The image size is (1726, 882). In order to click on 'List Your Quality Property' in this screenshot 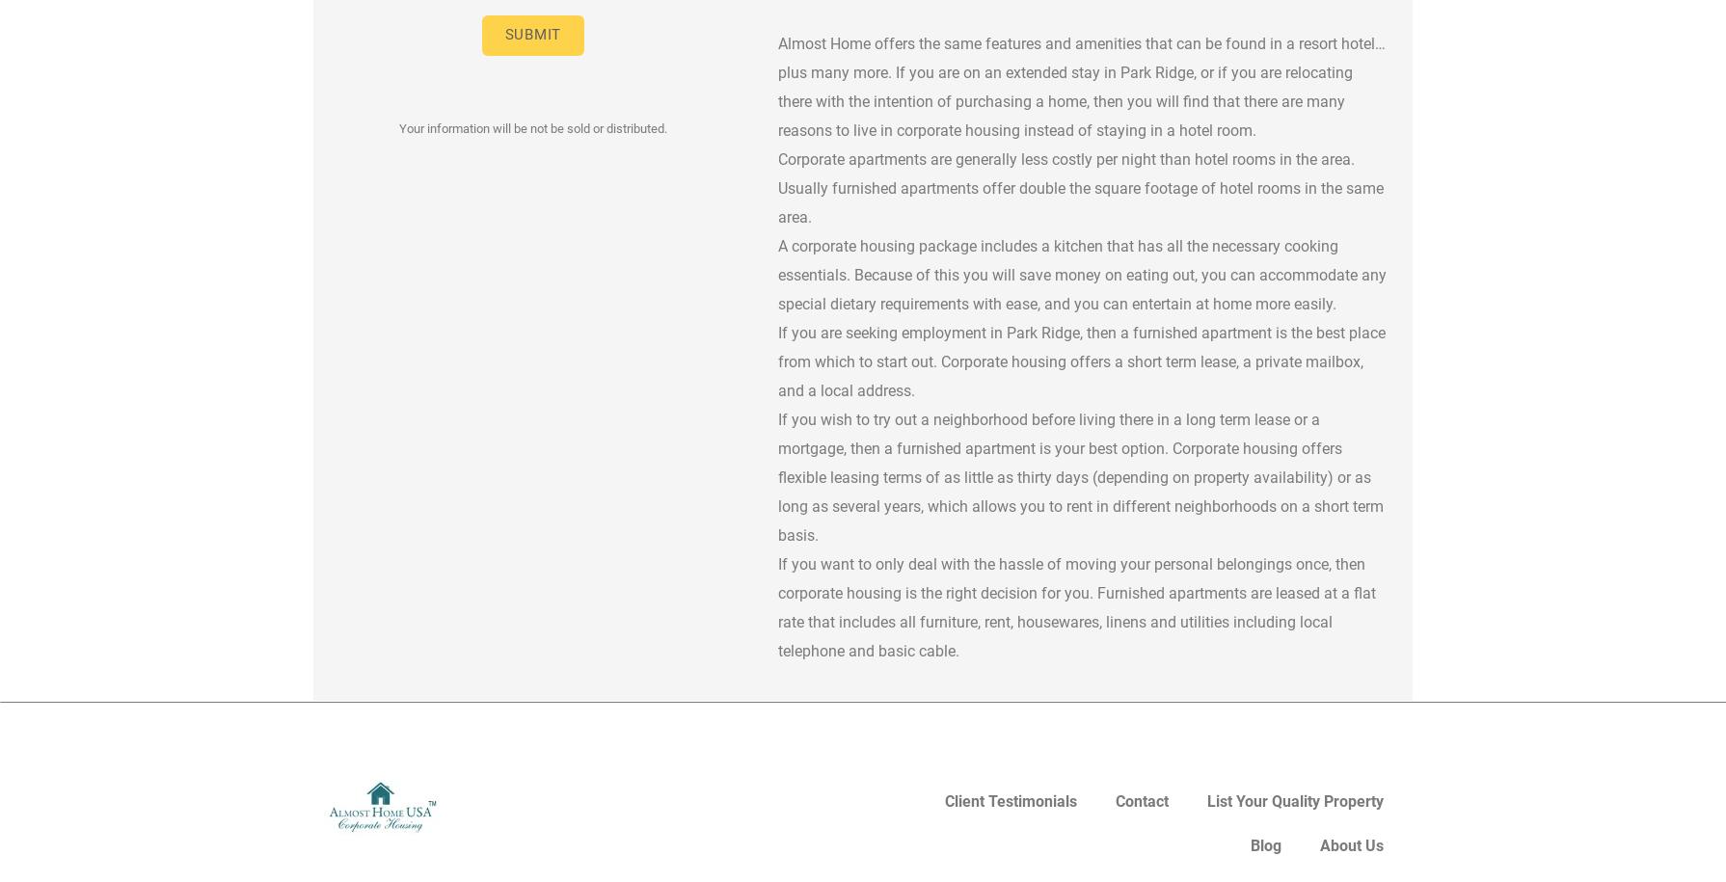, I will do `click(1294, 801)`.